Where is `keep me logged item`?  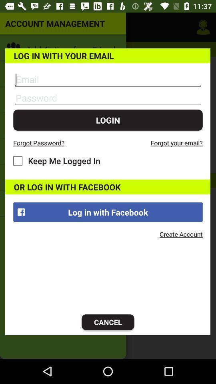 keep me logged item is located at coordinates (56, 160).